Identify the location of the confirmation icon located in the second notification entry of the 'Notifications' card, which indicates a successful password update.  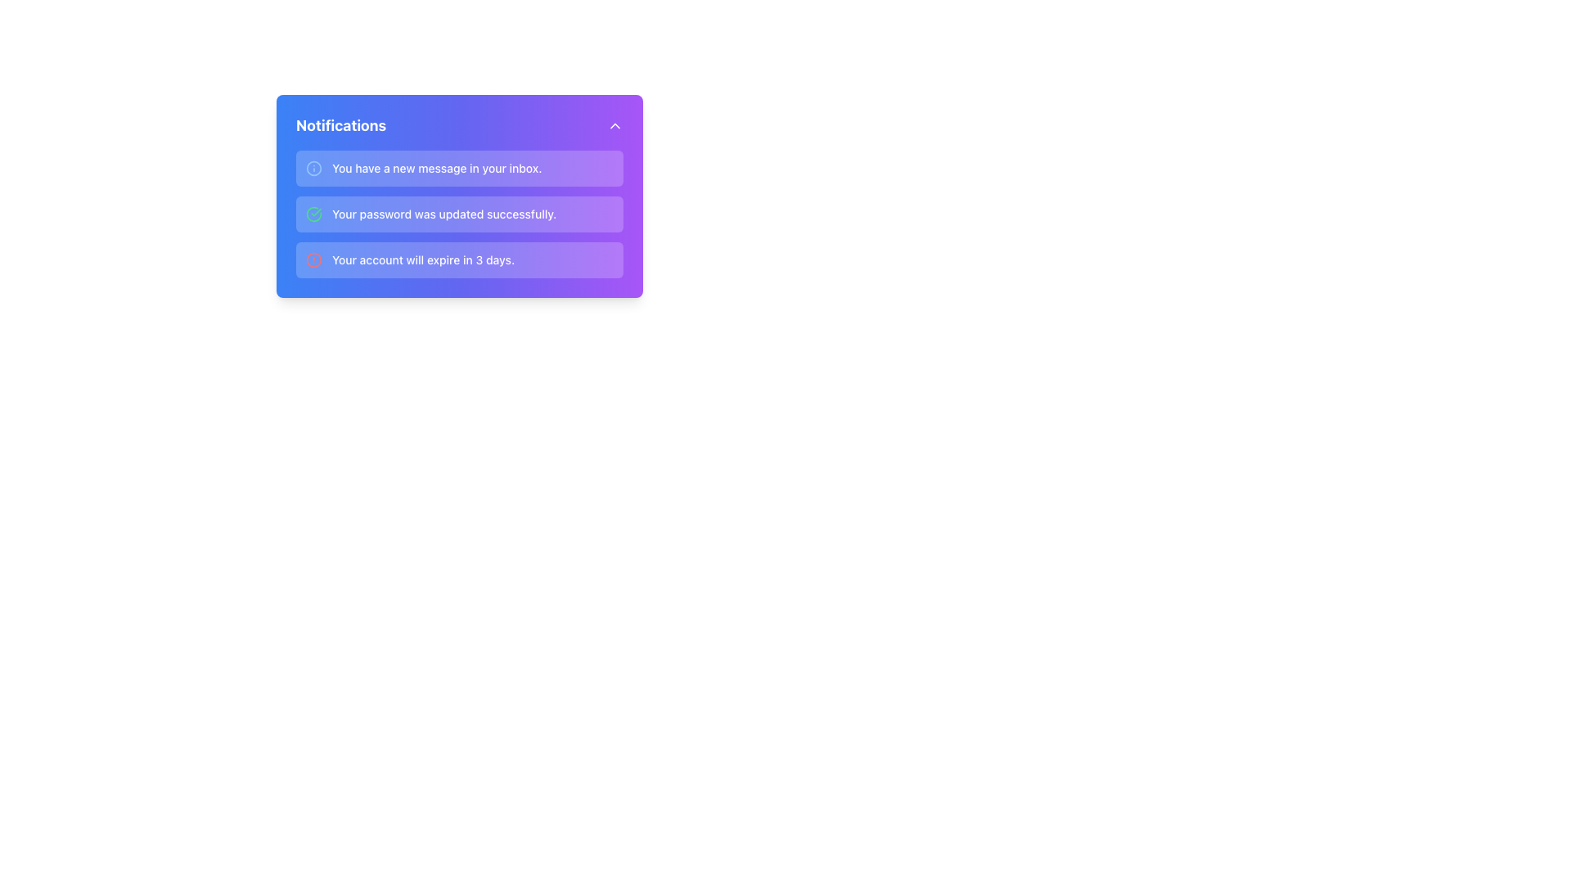
(314, 214).